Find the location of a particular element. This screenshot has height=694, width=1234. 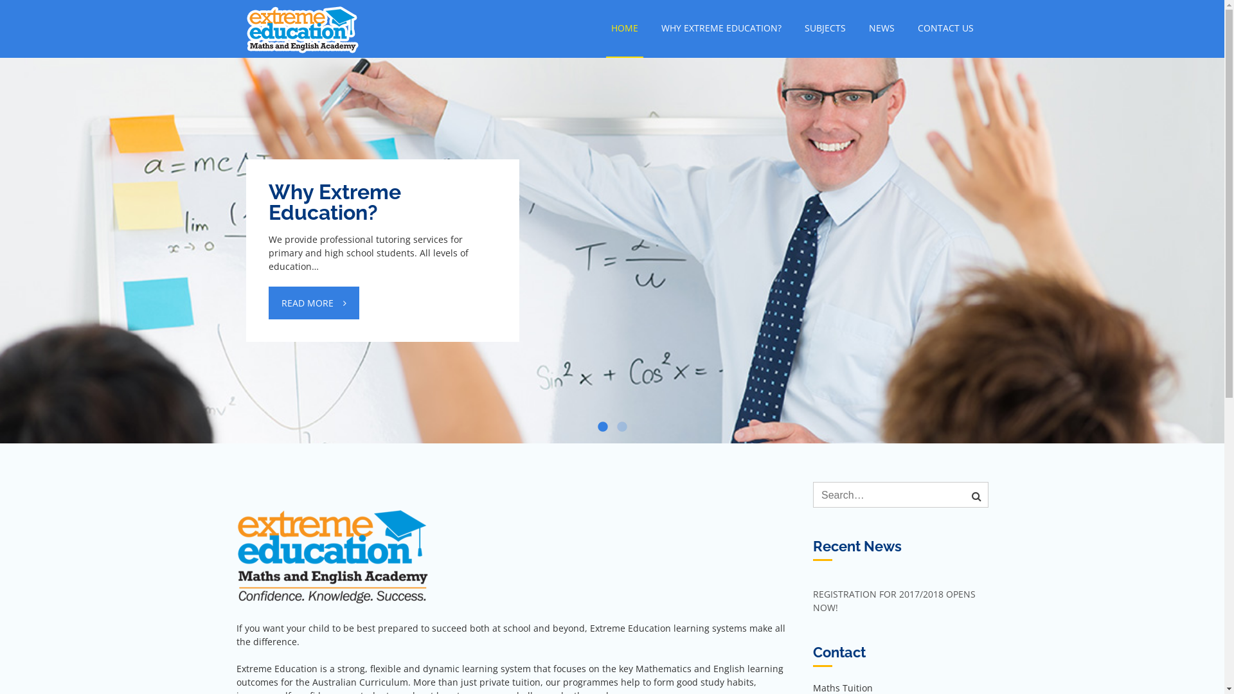

'NEWS' is located at coordinates (881, 28).